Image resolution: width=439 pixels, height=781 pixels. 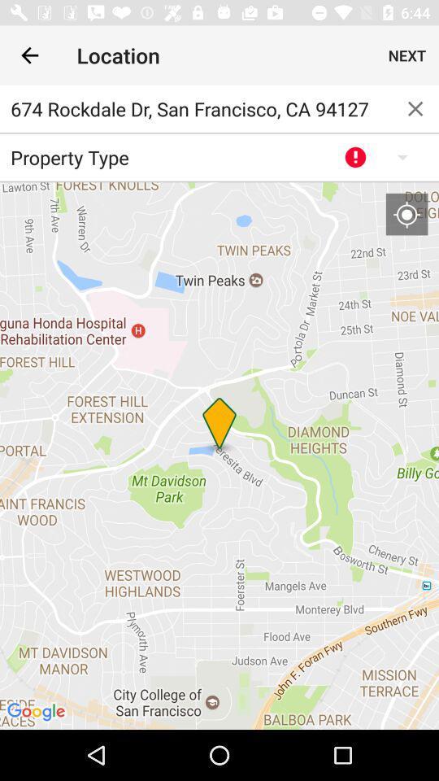 What do you see at coordinates (29, 55) in the screenshot?
I see `the icon next to the location` at bounding box center [29, 55].